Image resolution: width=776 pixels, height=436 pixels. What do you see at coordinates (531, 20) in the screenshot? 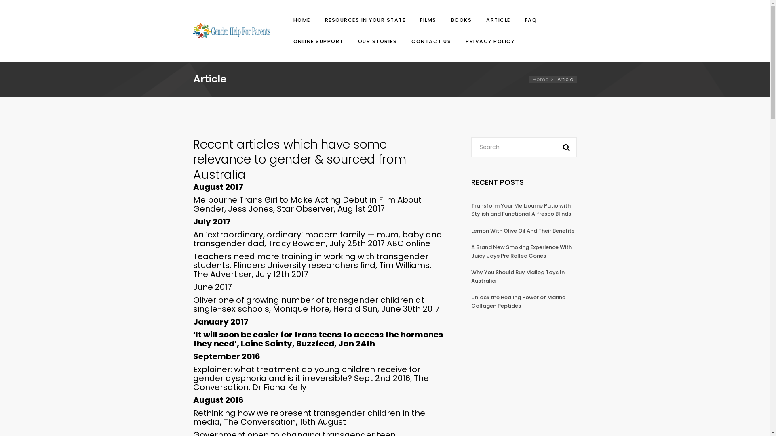
I see `'FAQ'` at bounding box center [531, 20].